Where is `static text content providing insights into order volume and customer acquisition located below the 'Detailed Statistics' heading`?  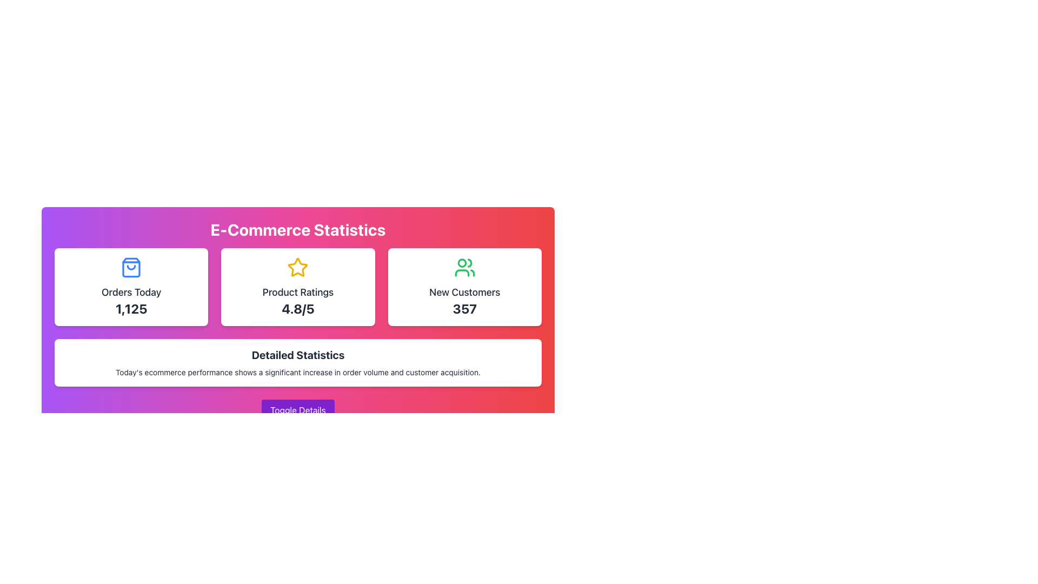 static text content providing insights into order volume and customer acquisition located below the 'Detailed Statistics' heading is located at coordinates (298, 372).